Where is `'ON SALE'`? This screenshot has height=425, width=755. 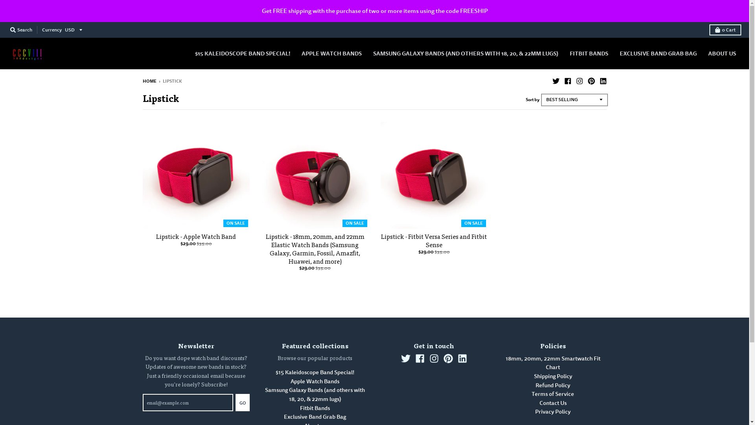 'ON SALE' is located at coordinates (434, 175).